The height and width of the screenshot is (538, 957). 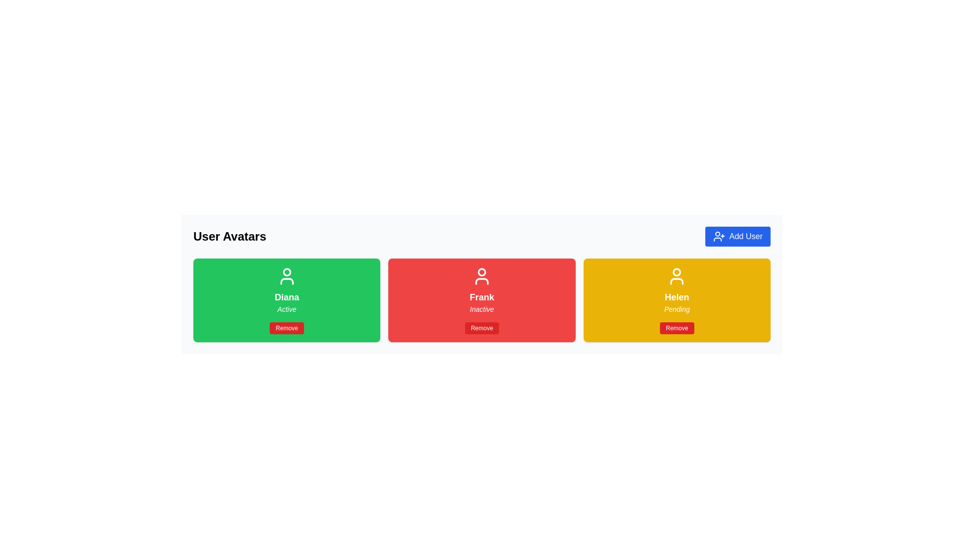 What do you see at coordinates (677, 328) in the screenshot?
I see `the 'Remove' button located at the bottom section of the card associated with user 'Helen'` at bounding box center [677, 328].